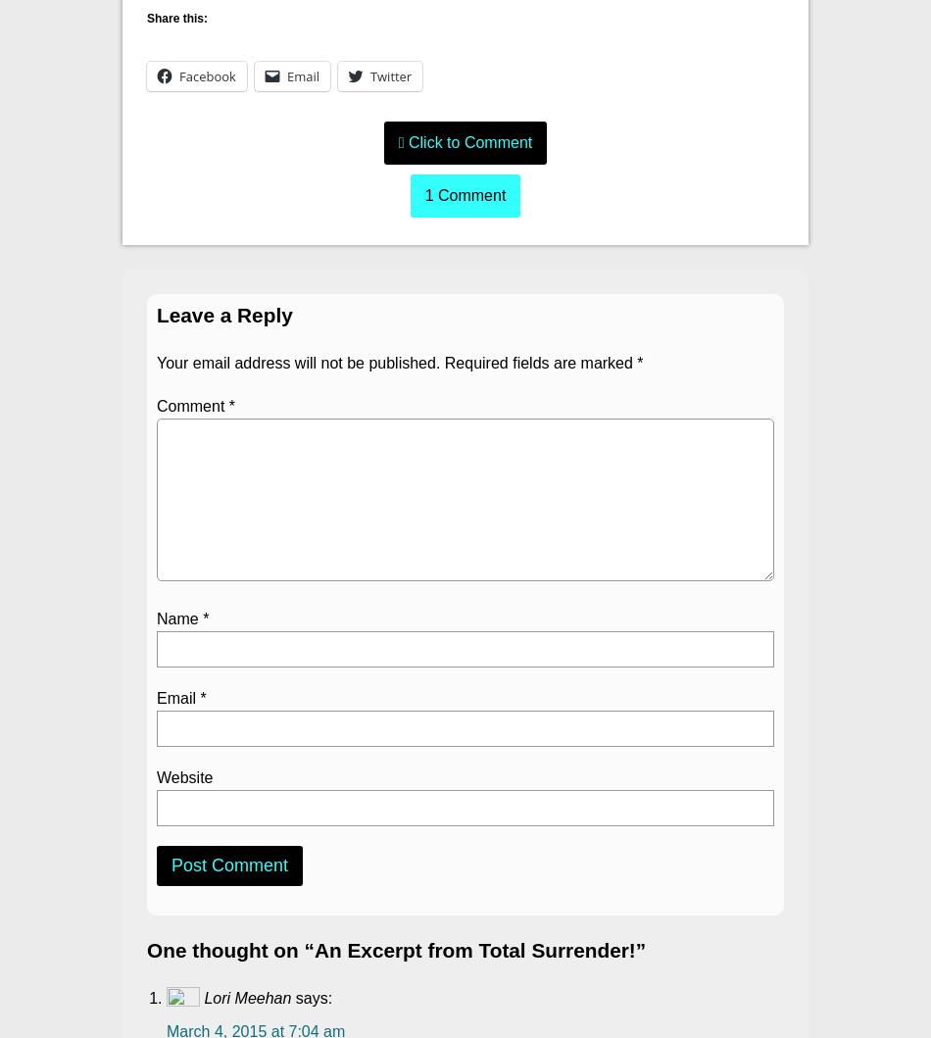 This screenshot has width=931, height=1038. I want to click on 'Lori Meehan', so click(246, 997).